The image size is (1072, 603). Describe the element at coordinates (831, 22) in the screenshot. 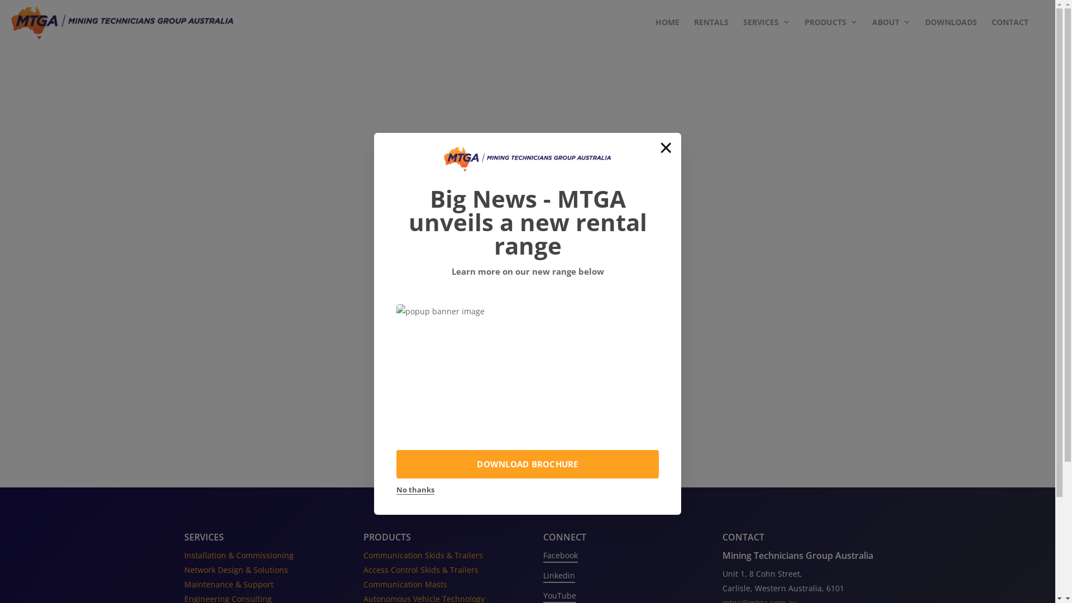

I see `'PRODUCTS'` at that location.